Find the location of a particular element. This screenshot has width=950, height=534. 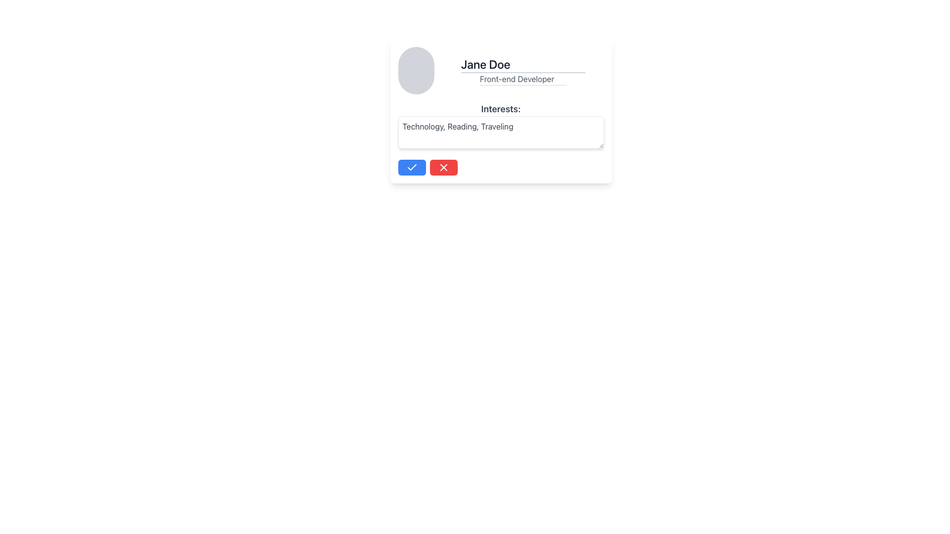

the user profile name in the User Profile Information Block is located at coordinates (501, 70).